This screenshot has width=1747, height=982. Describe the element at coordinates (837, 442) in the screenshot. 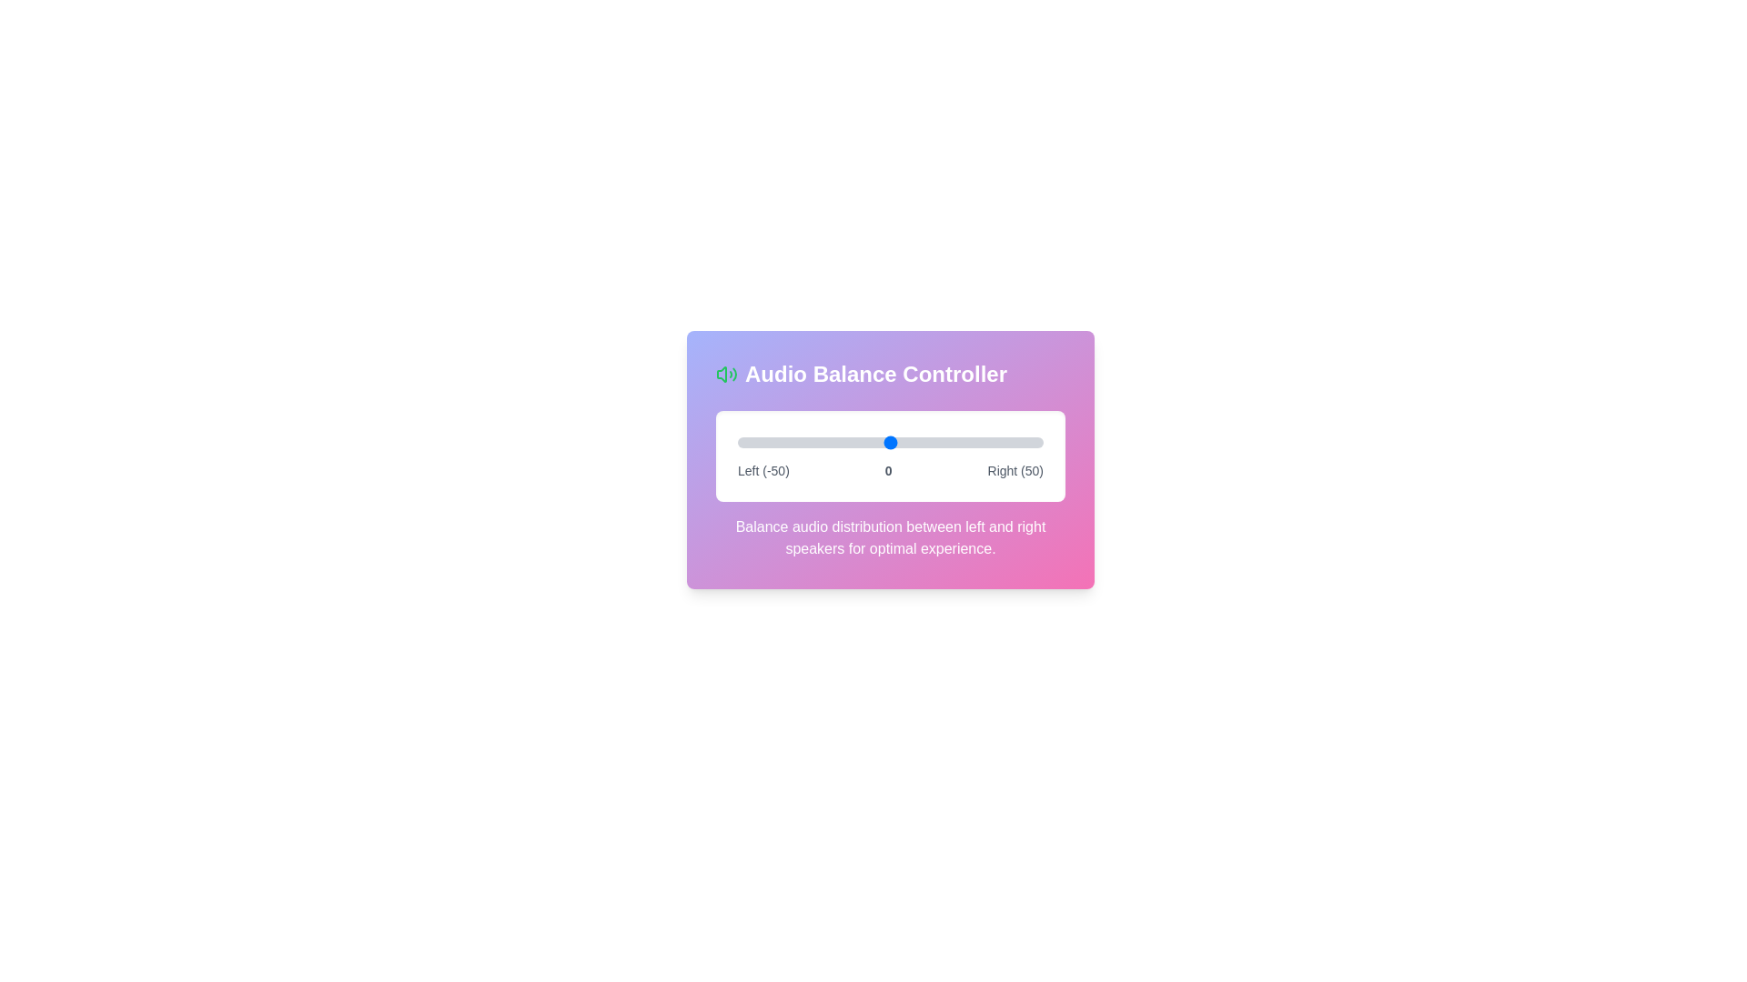

I see `the balance slider to set the audio balance to -17` at that location.